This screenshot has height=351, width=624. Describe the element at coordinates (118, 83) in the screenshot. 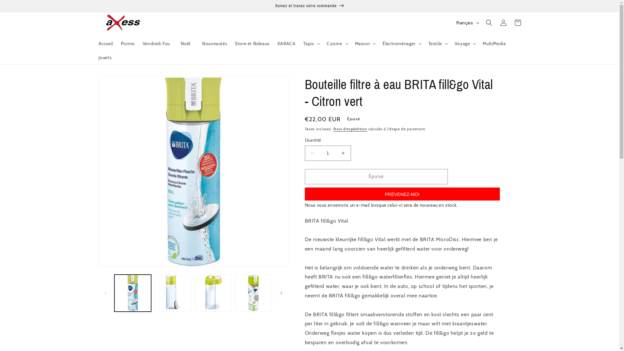

I see `'Passer aux informations produits'` at that location.